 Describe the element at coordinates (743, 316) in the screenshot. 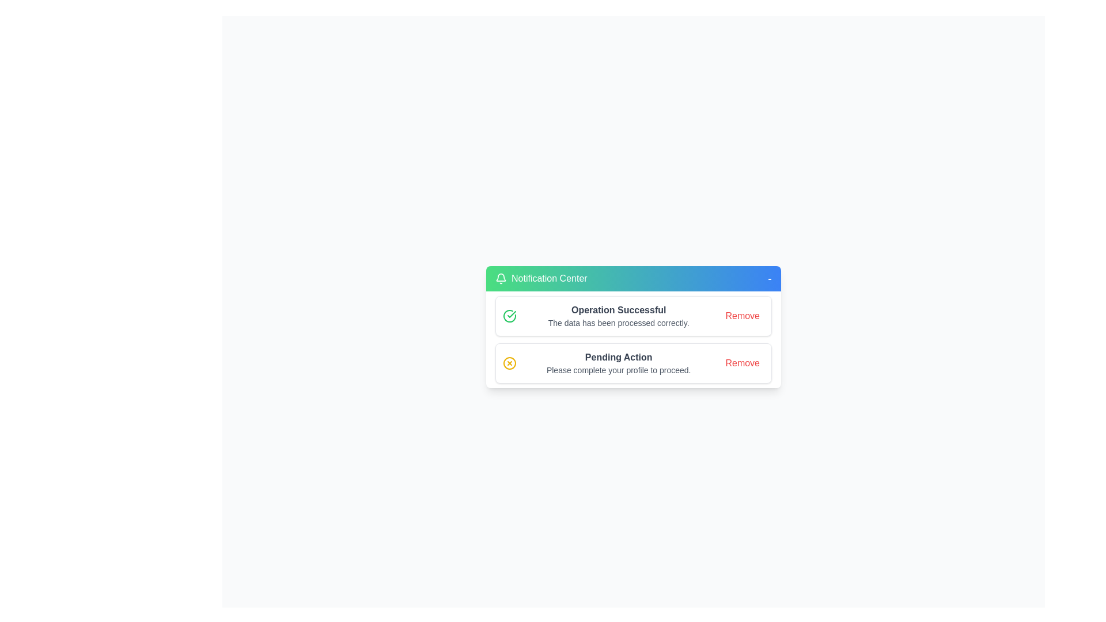

I see `the dismiss button located in the upper notification box of the 'Notification Center' interface, aligned to the far right next to the message 'Operation Successful'` at that location.